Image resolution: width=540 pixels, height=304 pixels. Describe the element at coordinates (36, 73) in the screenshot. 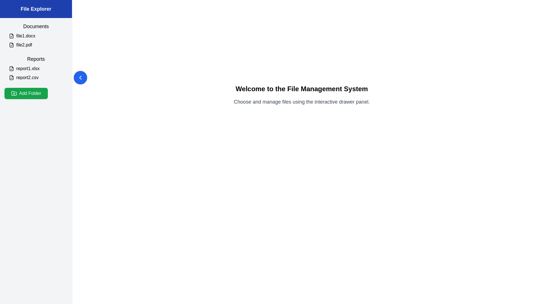

I see `the file item 'report1.xlsx' or 'report2.csv' in the list under the 'Reports' section` at that location.